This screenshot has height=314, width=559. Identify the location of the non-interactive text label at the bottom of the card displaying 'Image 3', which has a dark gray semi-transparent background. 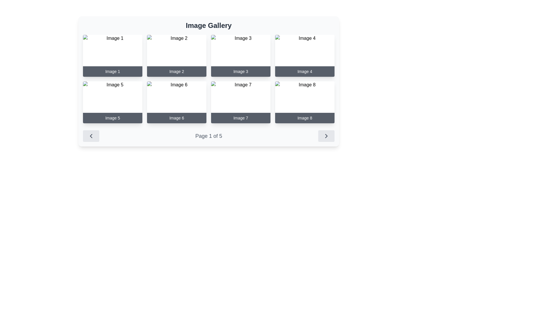
(240, 71).